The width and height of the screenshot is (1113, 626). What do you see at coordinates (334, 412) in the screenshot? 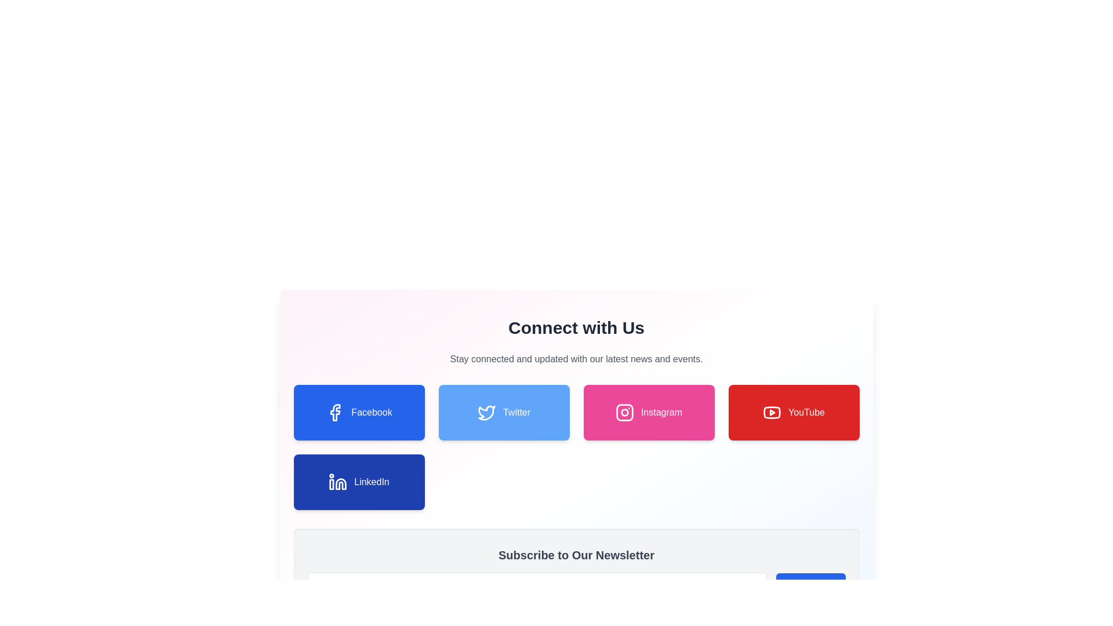
I see `the Facebook icon, which is a lowercase 'f' within a circular outline, located to the left of the 'Facebook' text label in a blue rectangular button` at bounding box center [334, 412].